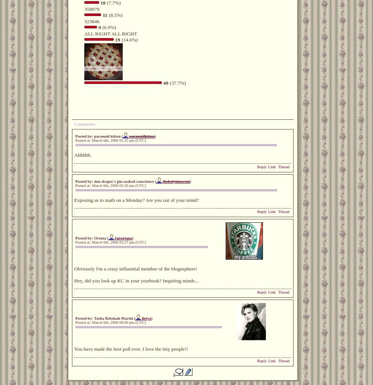 This screenshot has height=385, width=373. What do you see at coordinates (118, 185) in the screenshot?
I see `'March 6th, 2006 05:26 pm (UTC)'` at bounding box center [118, 185].